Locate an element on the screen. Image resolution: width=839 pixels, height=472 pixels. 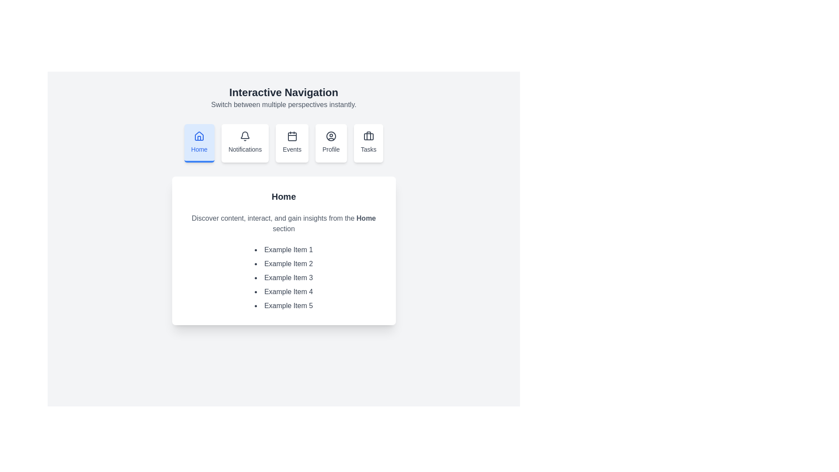
the house-shaped icon with a blue outline representing the 'Home' functionality located in the upper-left corner of the icon grid is located at coordinates (199, 136).